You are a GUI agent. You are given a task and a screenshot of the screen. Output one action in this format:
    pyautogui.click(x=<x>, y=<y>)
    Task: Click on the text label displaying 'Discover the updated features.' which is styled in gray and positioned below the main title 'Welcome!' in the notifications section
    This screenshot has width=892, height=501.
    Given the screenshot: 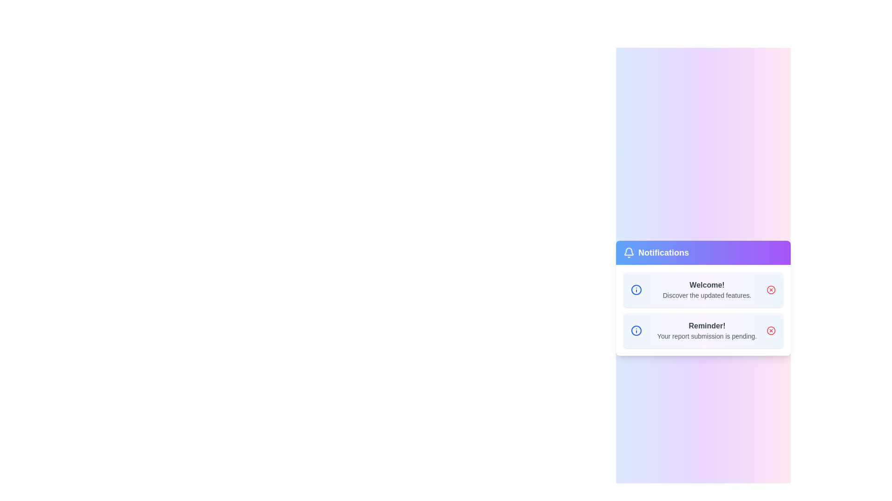 What is the action you would take?
    pyautogui.click(x=706, y=295)
    